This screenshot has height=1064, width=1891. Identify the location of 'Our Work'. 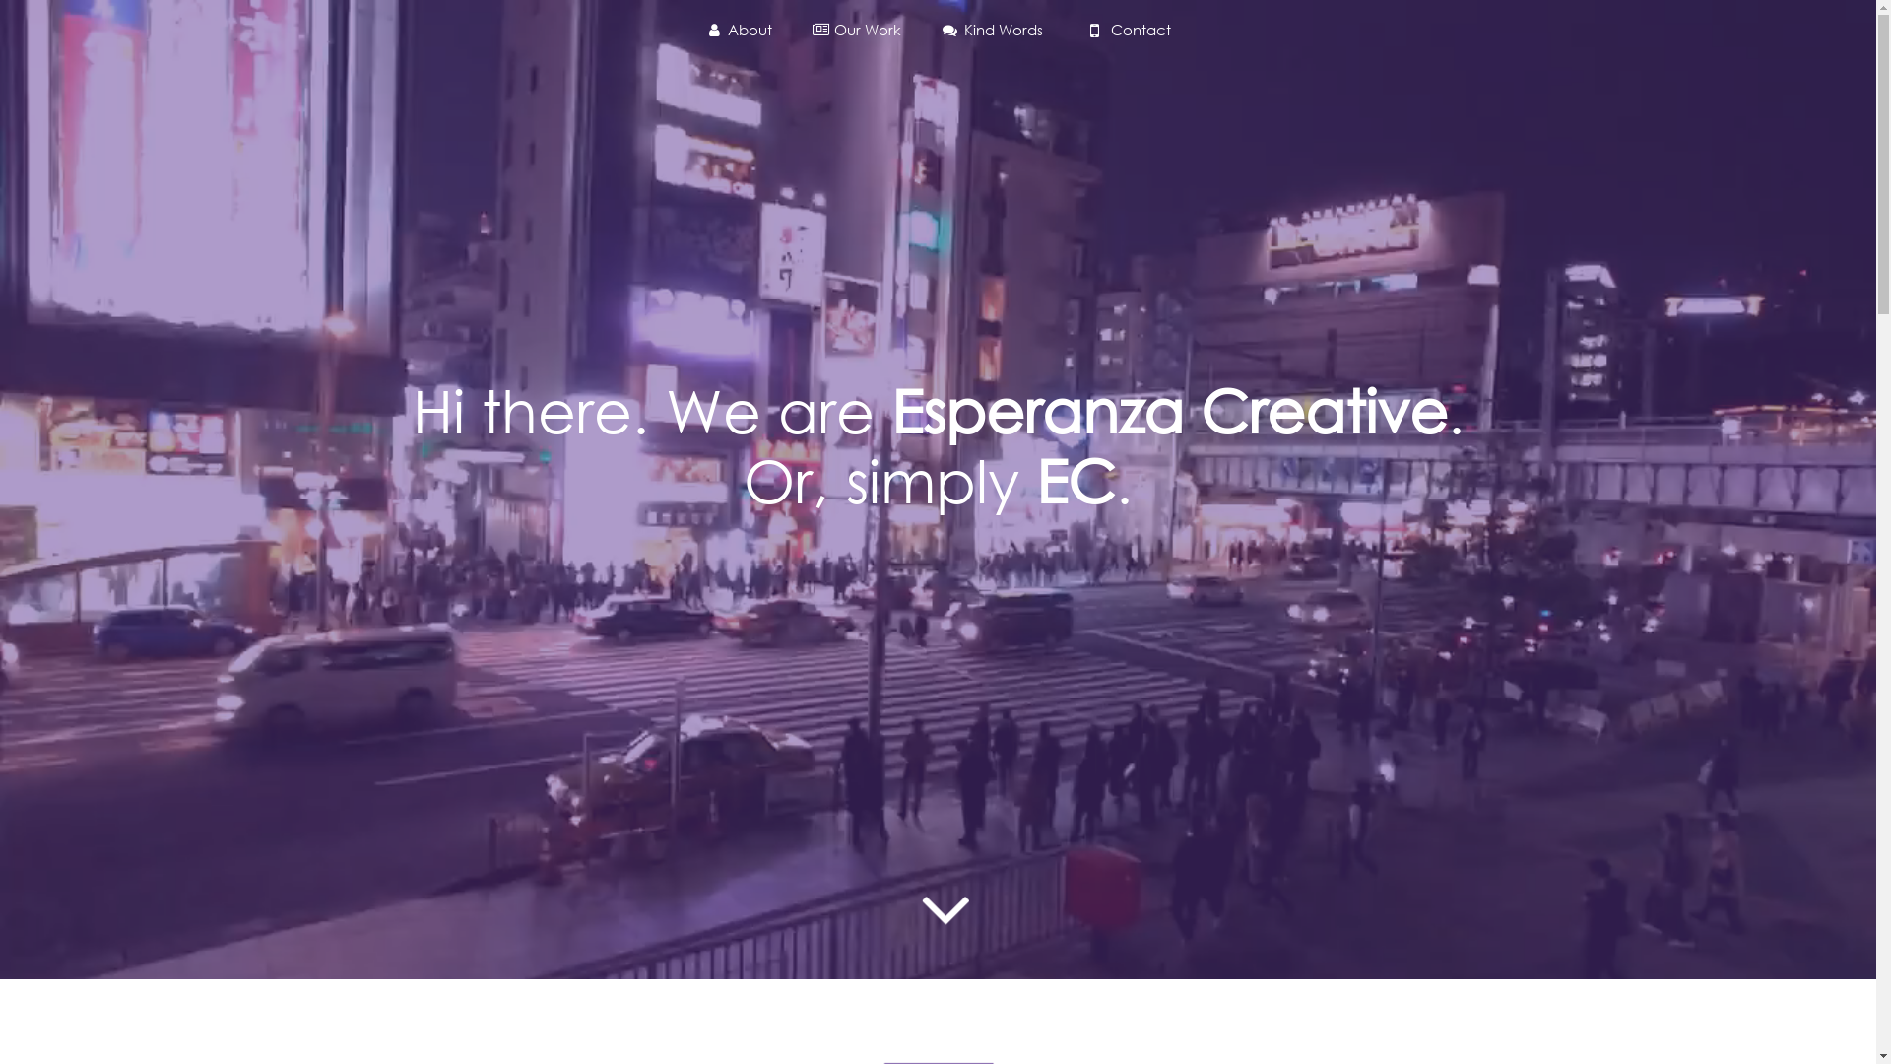
(856, 30).